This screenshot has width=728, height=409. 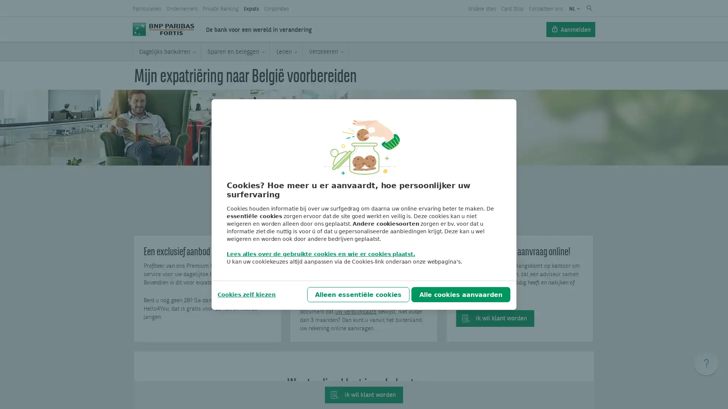 I want to click on Submit, so click(x=589, y=8).